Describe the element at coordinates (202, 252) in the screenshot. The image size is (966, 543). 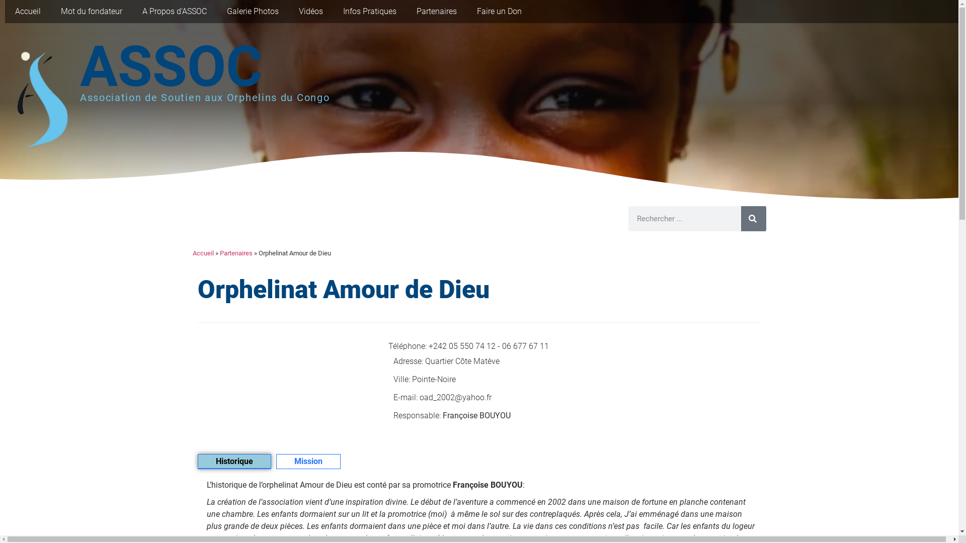
I see `'Accueil'` at that location.